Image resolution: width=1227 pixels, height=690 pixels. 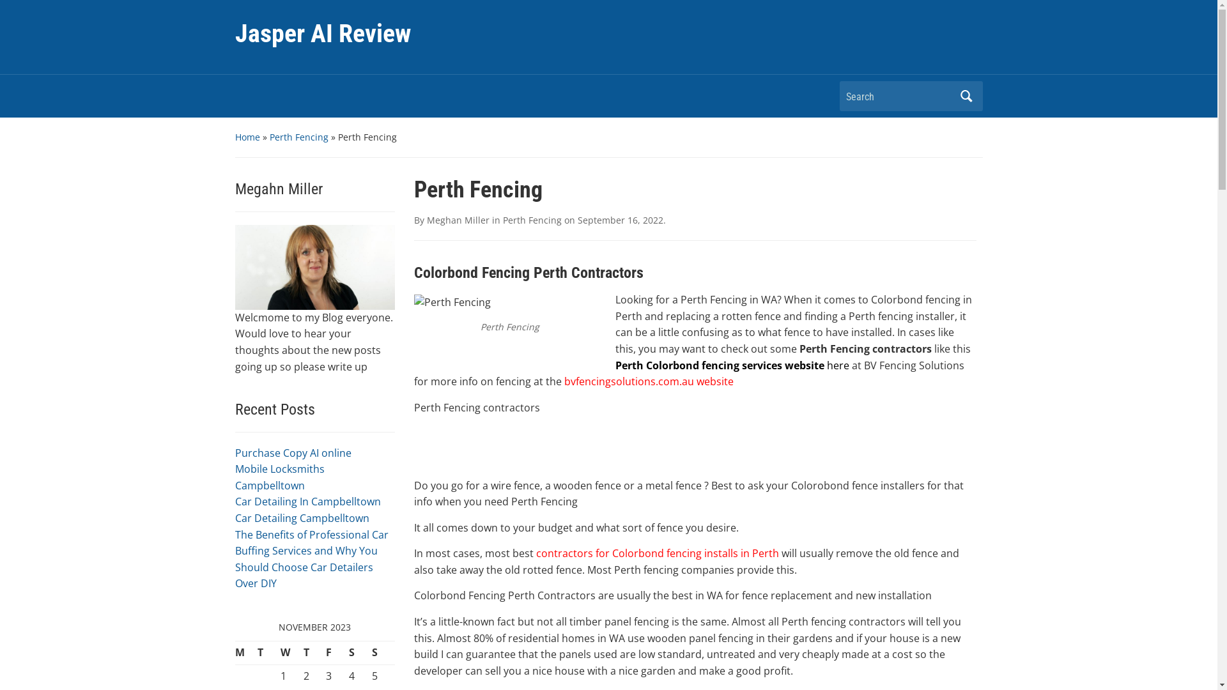 I want to click on 'Mobile Locksmiths Campbelltown', so click(x=279, y=477).